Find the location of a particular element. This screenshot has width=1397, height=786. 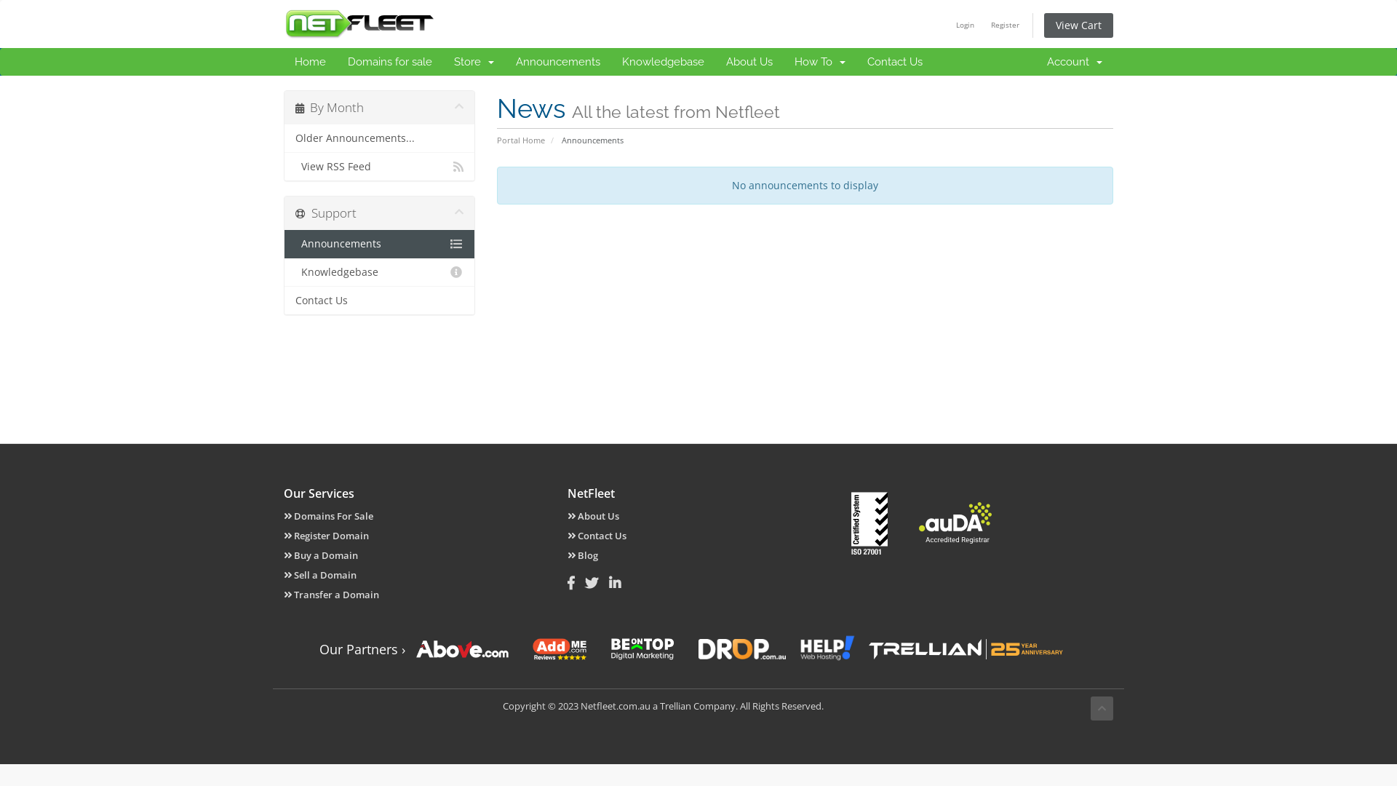

'  Knowledgebase' is located at coordinates (379, 272).